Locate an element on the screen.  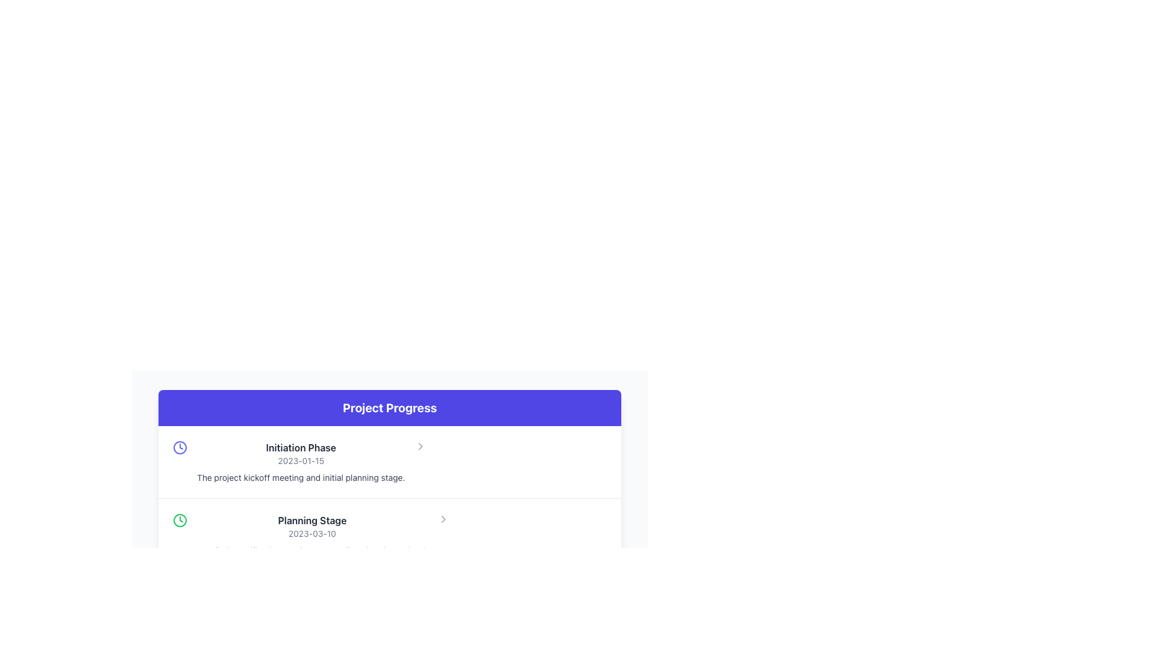
the text label reading '2023-03-10', which is styled in gray and located beneath the title 'Planning Stage' in the 'Project Progress' section is located at coordinates (312, 533).